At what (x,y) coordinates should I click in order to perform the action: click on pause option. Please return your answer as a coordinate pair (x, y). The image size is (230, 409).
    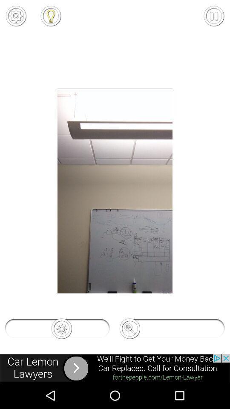
    Looking at the image, I should click on (213, 15).